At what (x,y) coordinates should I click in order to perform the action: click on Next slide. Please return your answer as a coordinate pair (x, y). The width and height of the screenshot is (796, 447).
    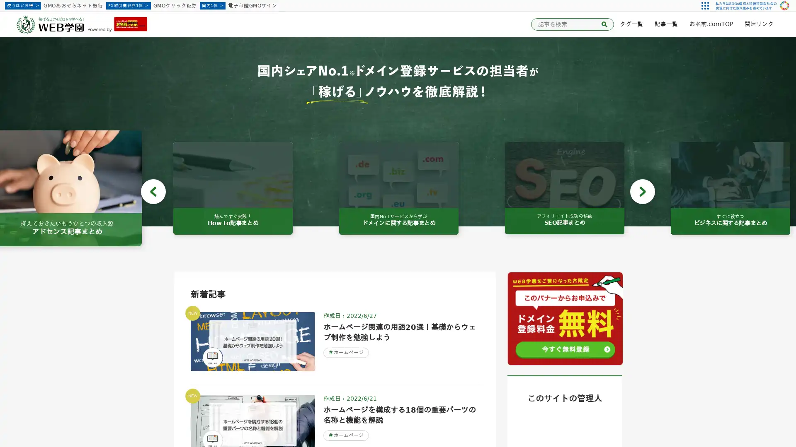
    Looking at the image, I should click on (642, 191).